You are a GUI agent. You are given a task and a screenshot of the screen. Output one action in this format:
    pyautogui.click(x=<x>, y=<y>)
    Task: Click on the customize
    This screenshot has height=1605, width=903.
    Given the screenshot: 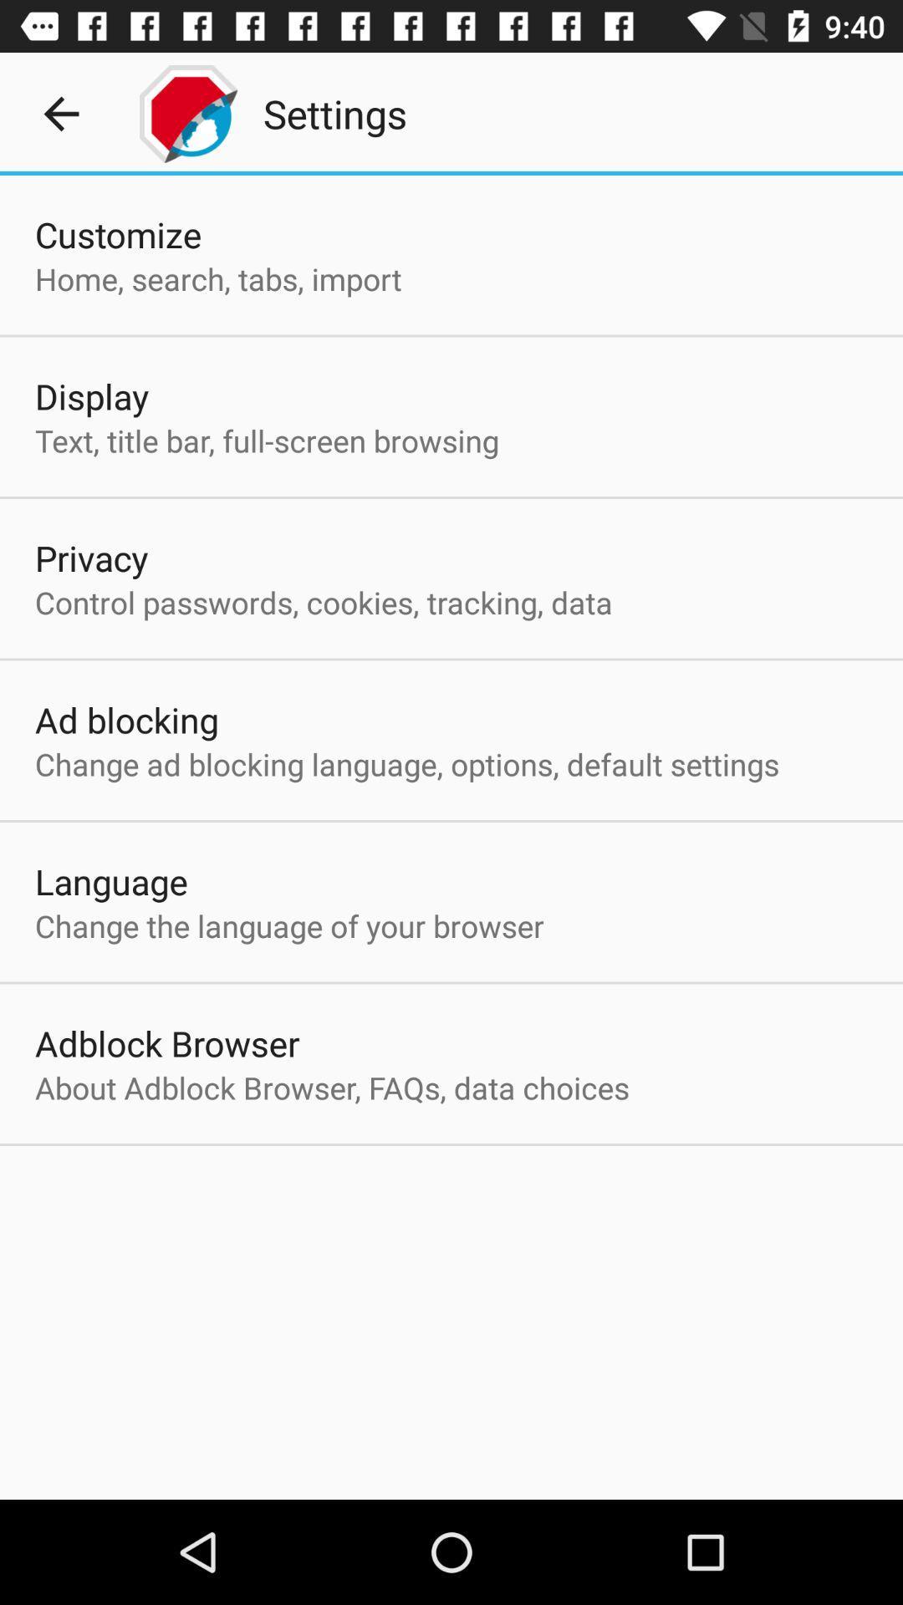 What is the action you would take?
    pyautogui.click(x=117, y=233)
    